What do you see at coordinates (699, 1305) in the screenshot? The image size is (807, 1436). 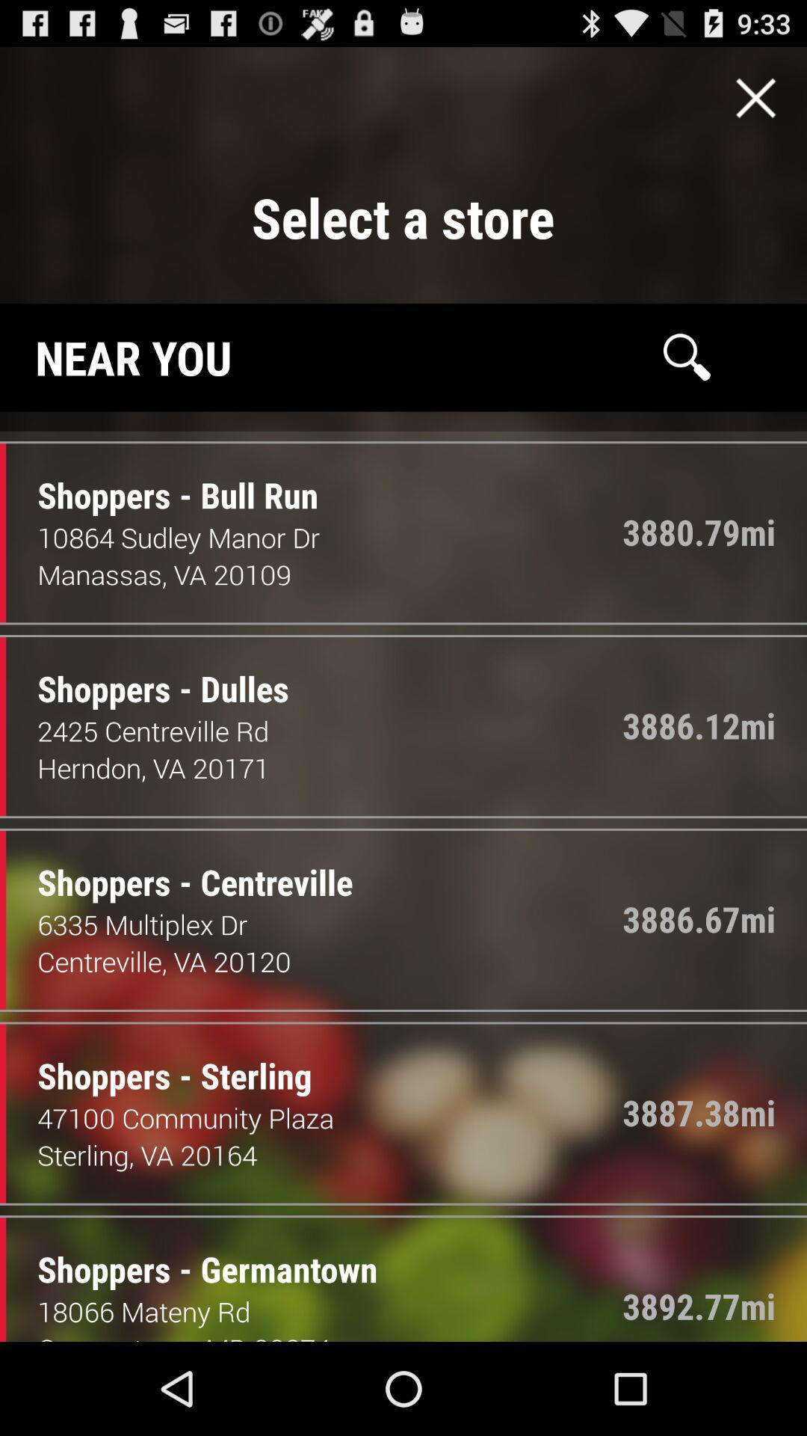 I see `item to the right of 18066 mateny rd` at bounding box center [699, 1305].